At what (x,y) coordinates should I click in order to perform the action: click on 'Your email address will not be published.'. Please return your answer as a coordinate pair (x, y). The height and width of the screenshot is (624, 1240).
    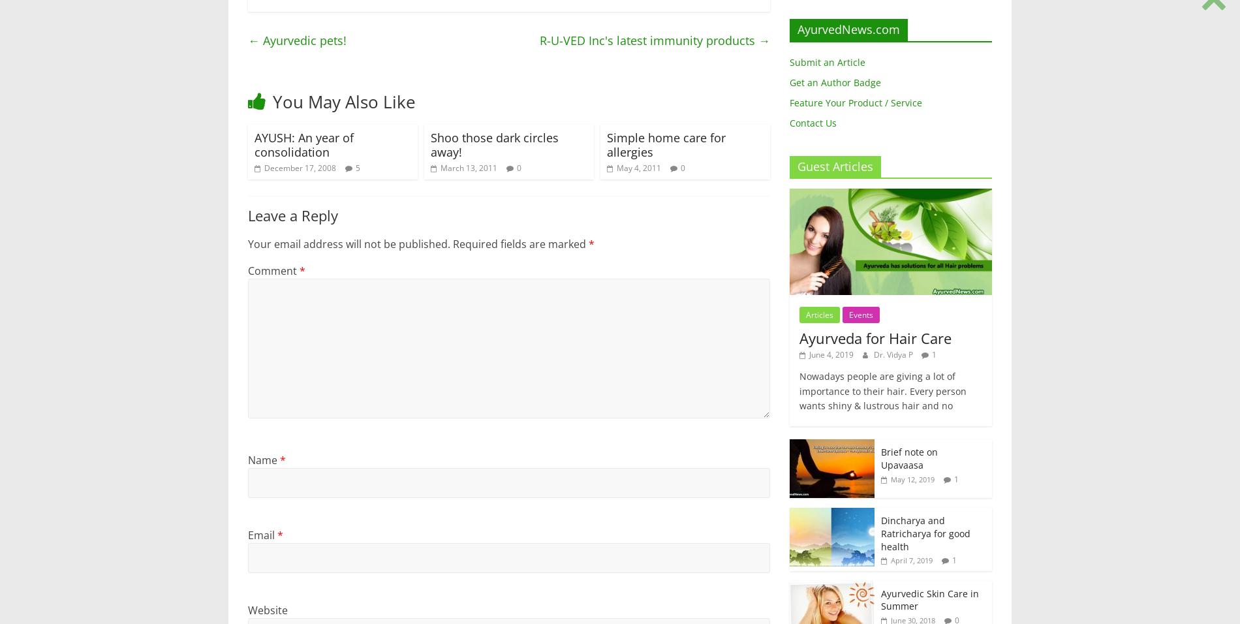
    Looking at the image, I should click on (349, 243).